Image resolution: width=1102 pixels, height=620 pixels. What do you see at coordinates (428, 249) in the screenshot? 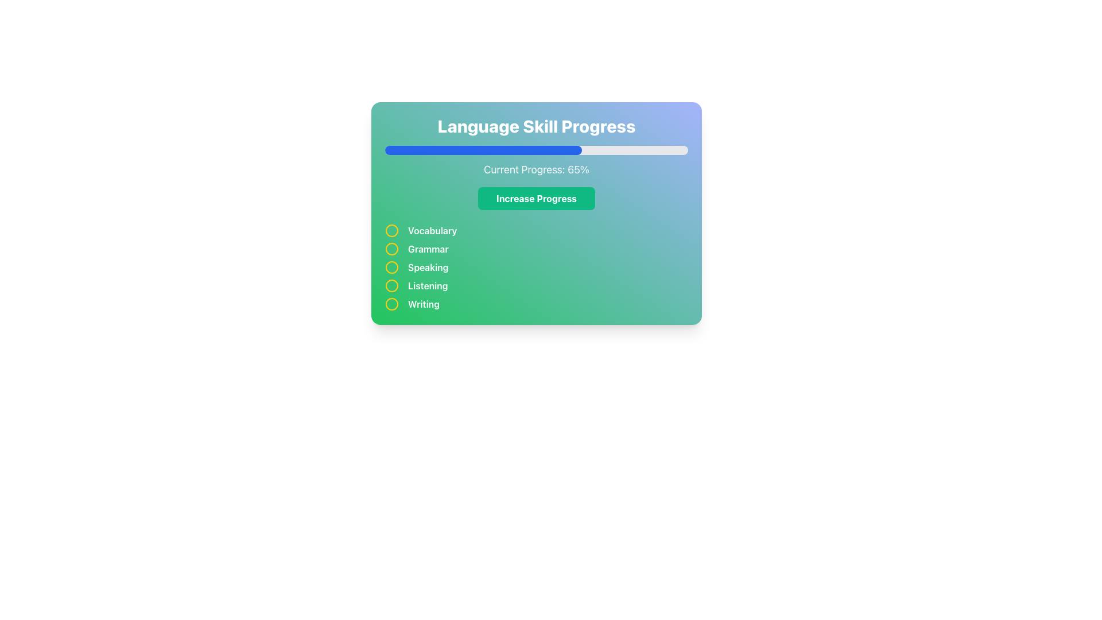
I see `the second label in the vertical list, which is positioned below 'Vocabulary' and above 'Speaking'` at bounding box center [428, 249].